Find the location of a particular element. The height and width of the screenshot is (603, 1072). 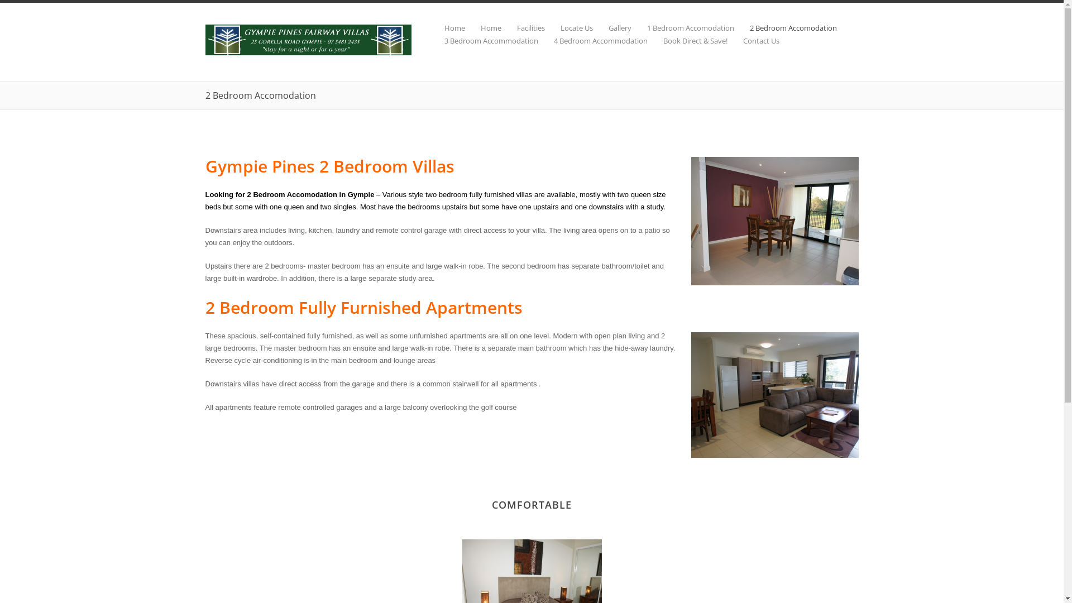

'Book Direct & Save!' is located at coordinates (687, 40).